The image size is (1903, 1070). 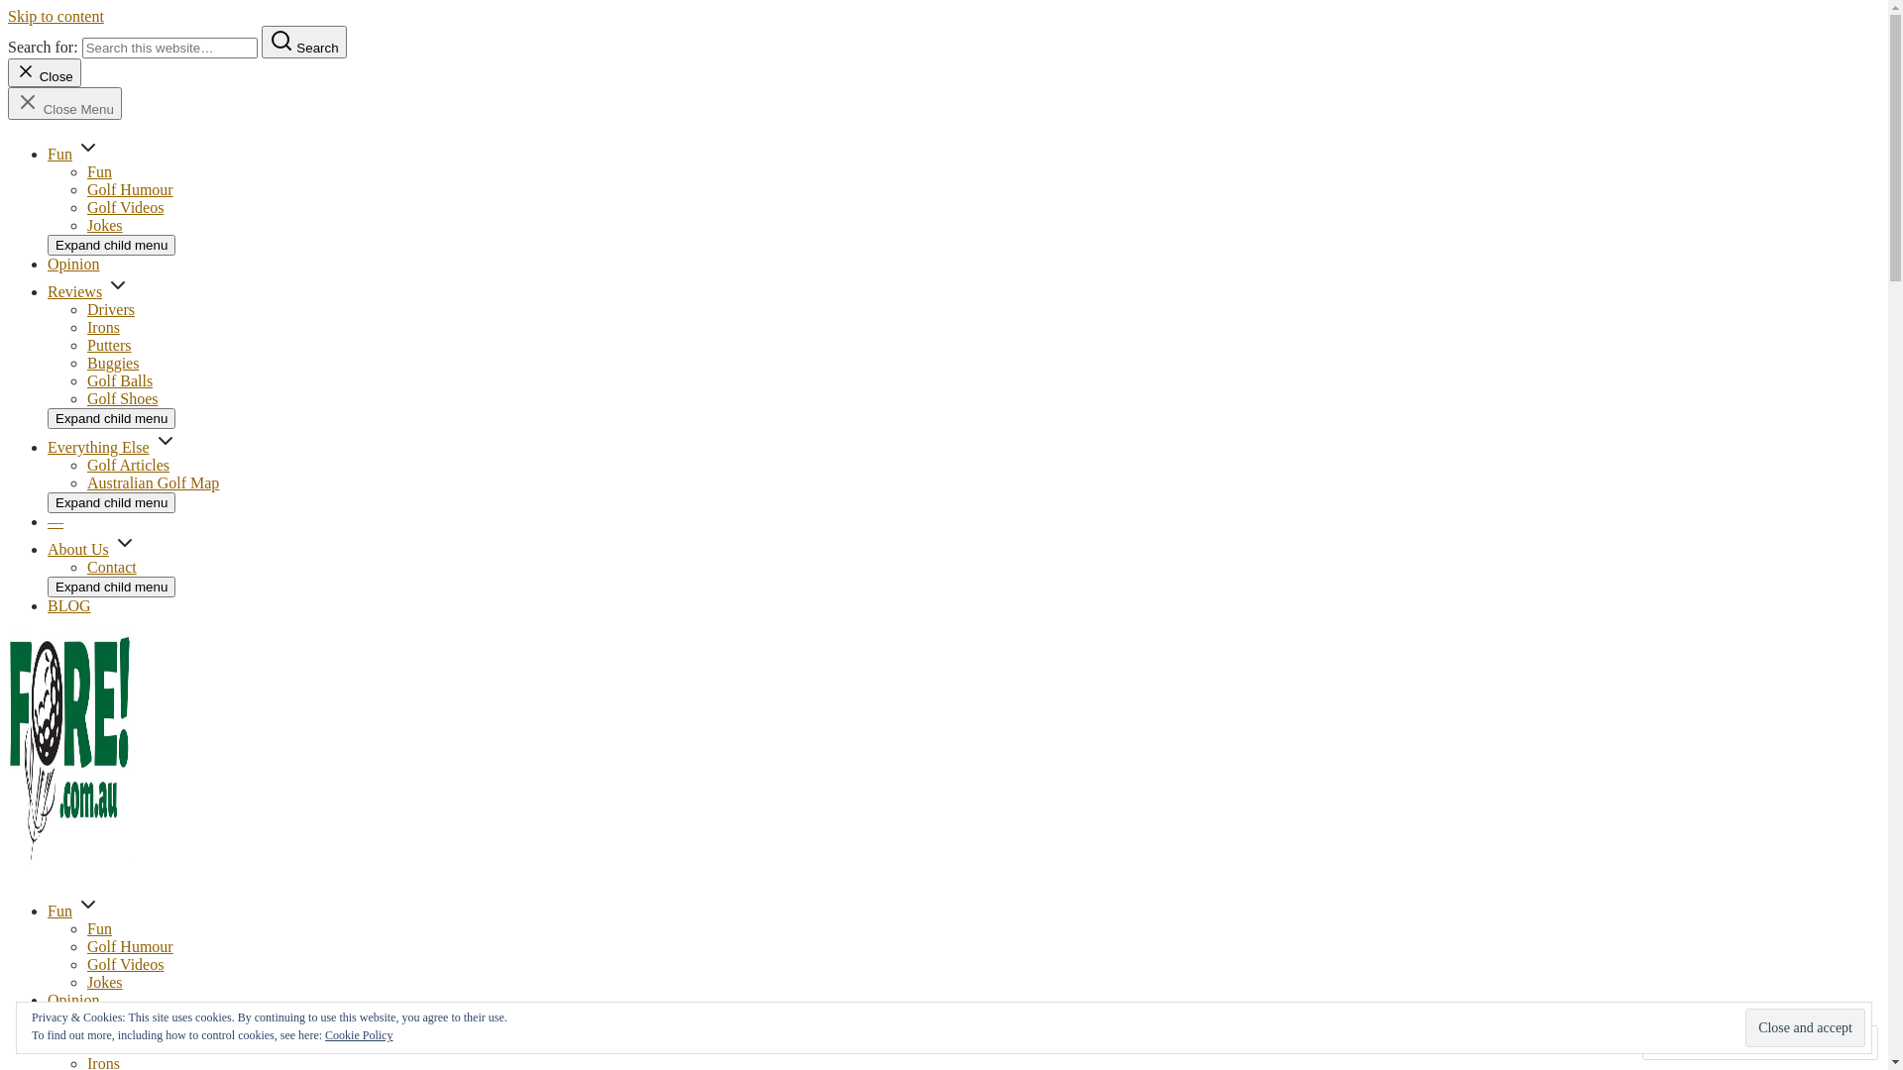 What do you see at coordinates (59, 910) in the screenshot?
I see `'Fun'` at bounding box center [59, 910].